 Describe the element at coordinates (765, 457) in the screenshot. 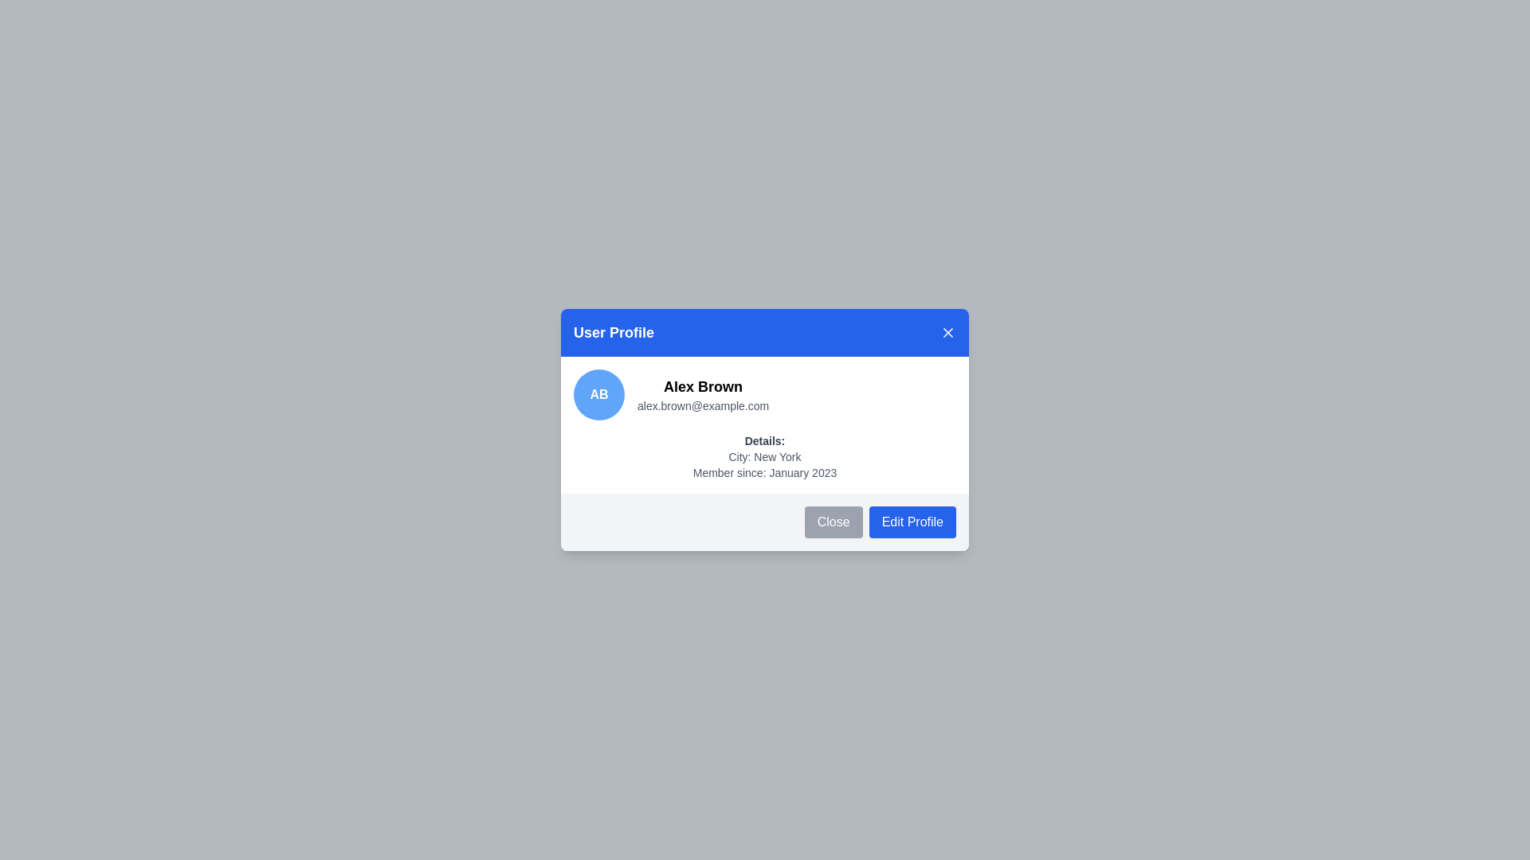

I see `the text block displaying user details, which includes the heading 'Details:' and the sublines 'City: New York' and 'Member since: January 2023.' This text block is located directly beneath the user's name and email in the profile card section` at that location.